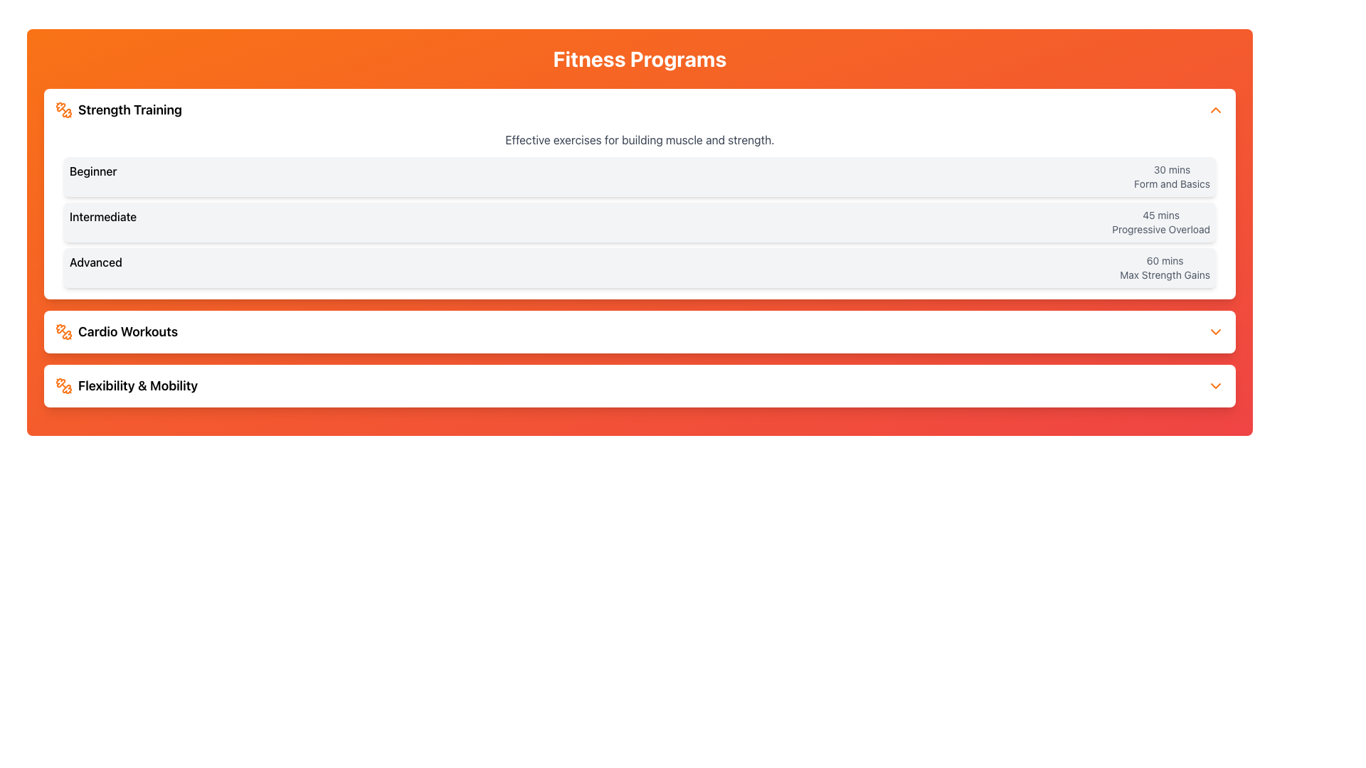 Image resolution: width=1366 pixels, height=768 pixels. Describe the element at coordinates (1214, 109) in the screenshot. I see `the upward-pointing chevron icon in vivid orange located in the top-right corner of the 'Strength Training' header section` at that location.